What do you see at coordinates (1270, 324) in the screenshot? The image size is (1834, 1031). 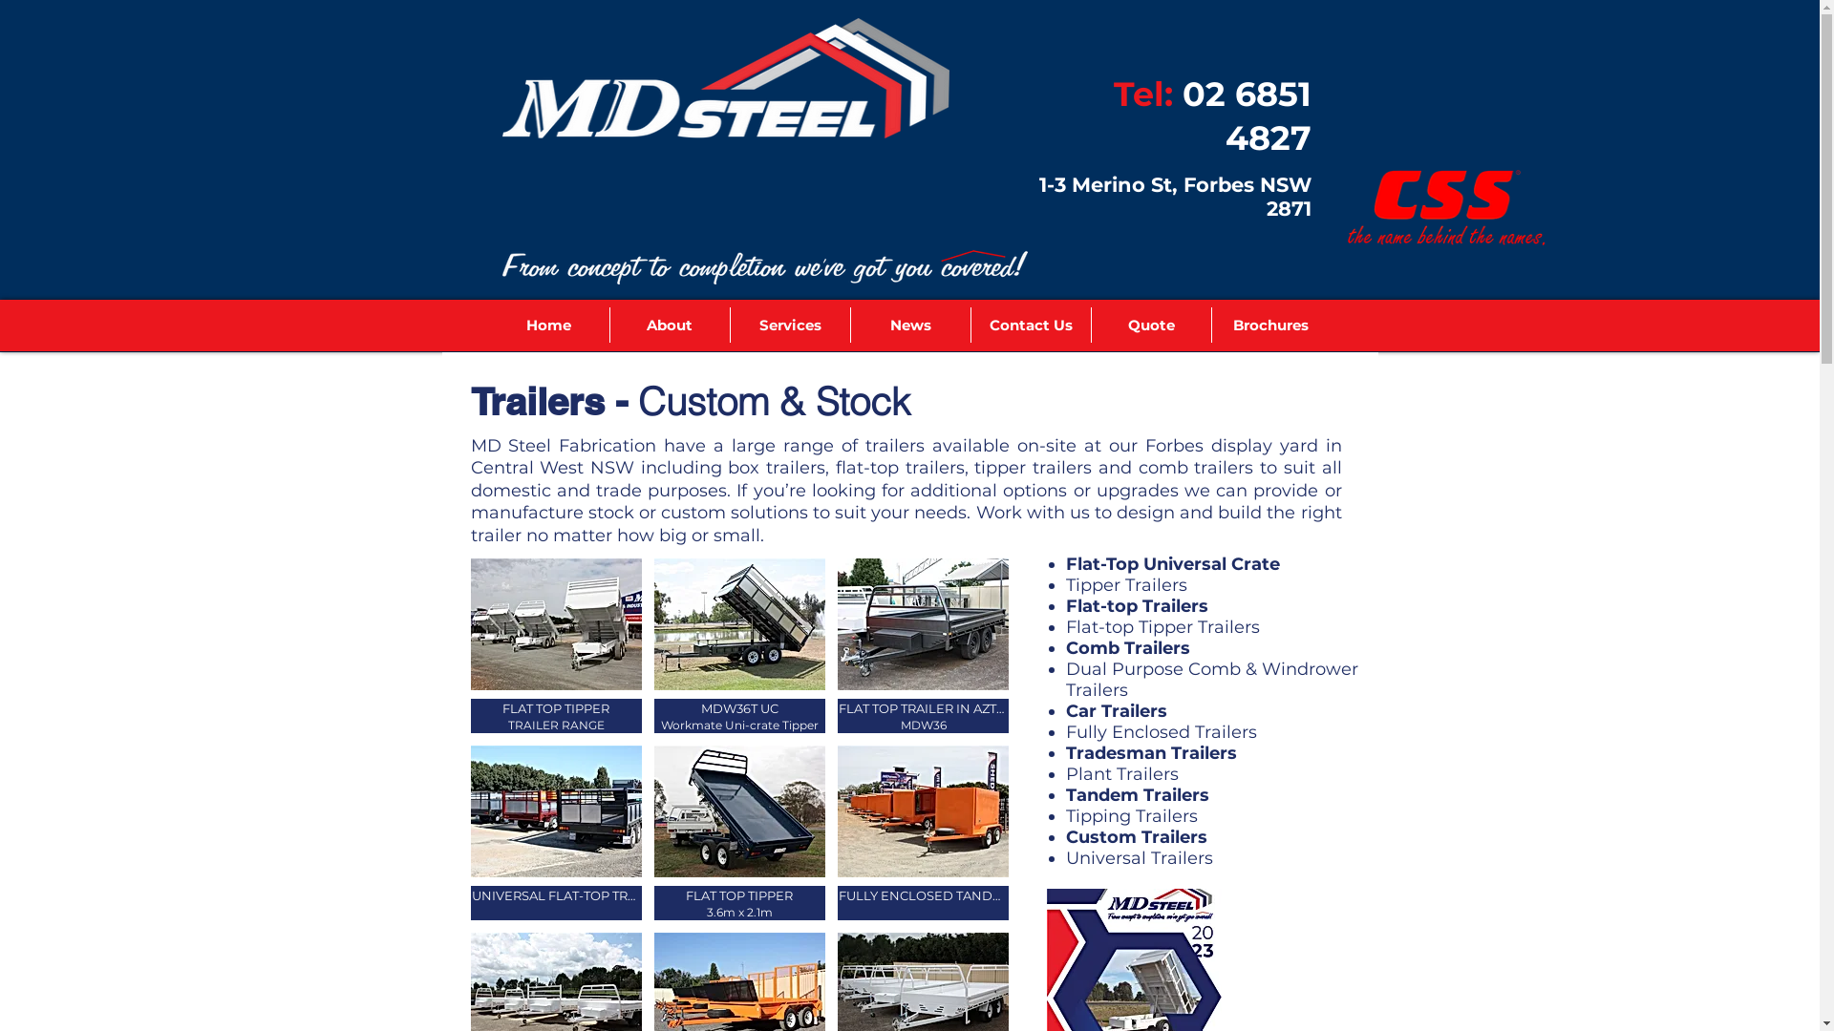 I see `'Brochures'` at bounding box center [1270, 324].